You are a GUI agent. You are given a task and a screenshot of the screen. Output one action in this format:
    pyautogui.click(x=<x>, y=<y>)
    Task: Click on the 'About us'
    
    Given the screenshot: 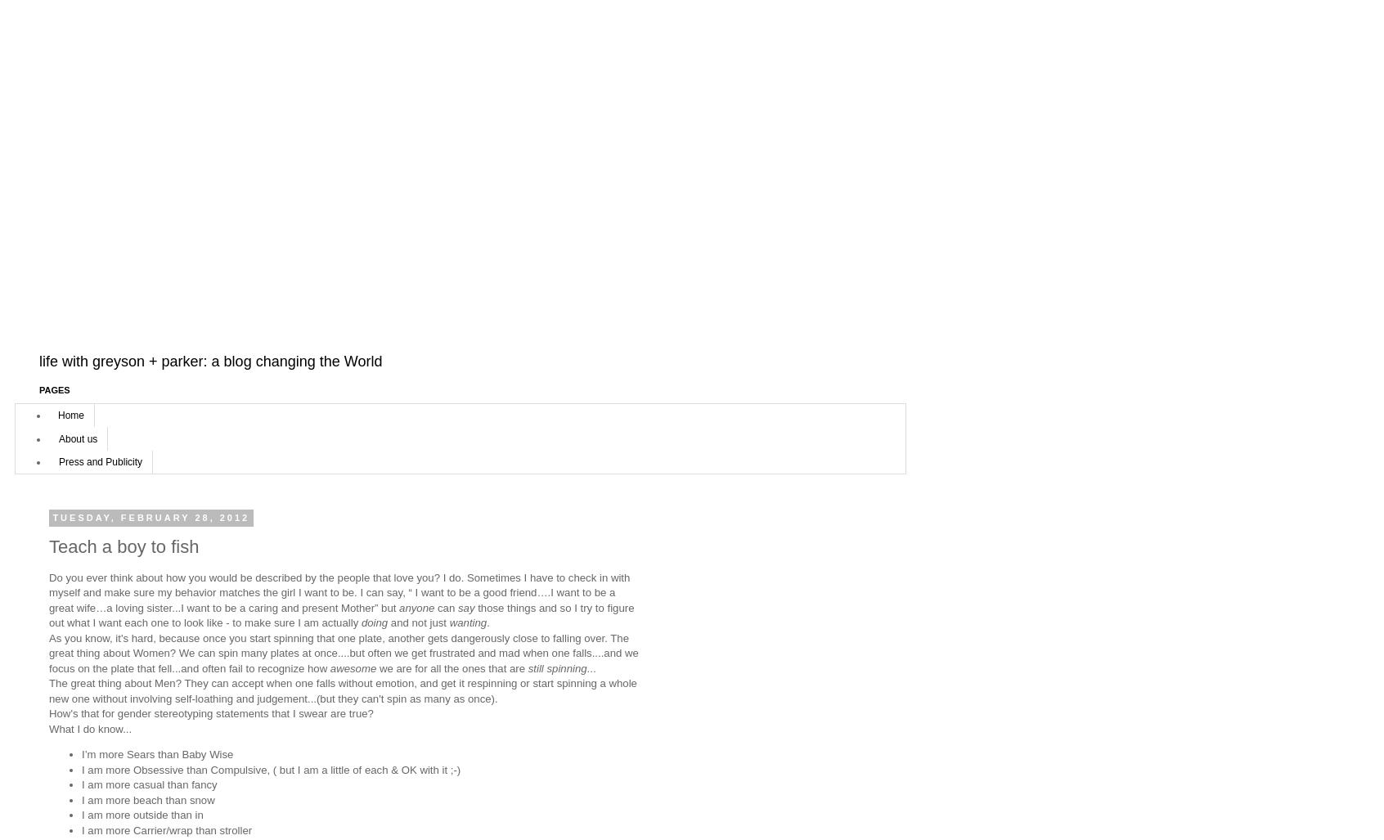 What is the action you would take?
    pyautogui.click(x=78, y=437)
    